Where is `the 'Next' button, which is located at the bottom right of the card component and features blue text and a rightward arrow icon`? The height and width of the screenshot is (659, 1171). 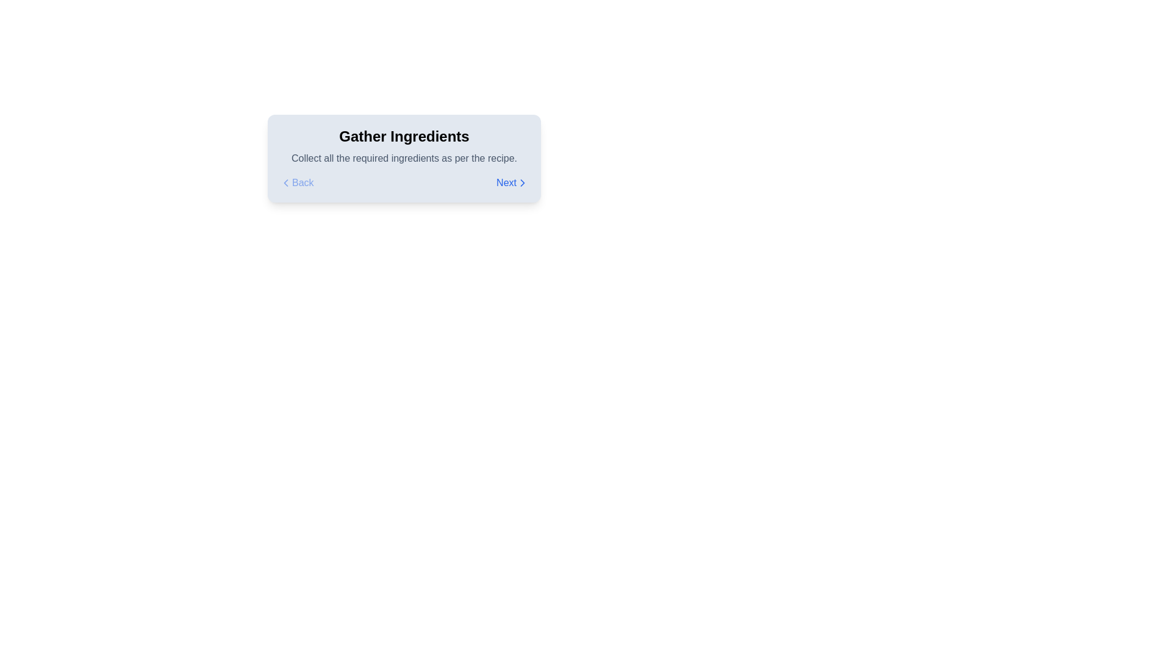 the 'Next' button, which is located at the bottom right of the card component and features blue text and a rightward arrow icon is located at coordinates (512, 183).